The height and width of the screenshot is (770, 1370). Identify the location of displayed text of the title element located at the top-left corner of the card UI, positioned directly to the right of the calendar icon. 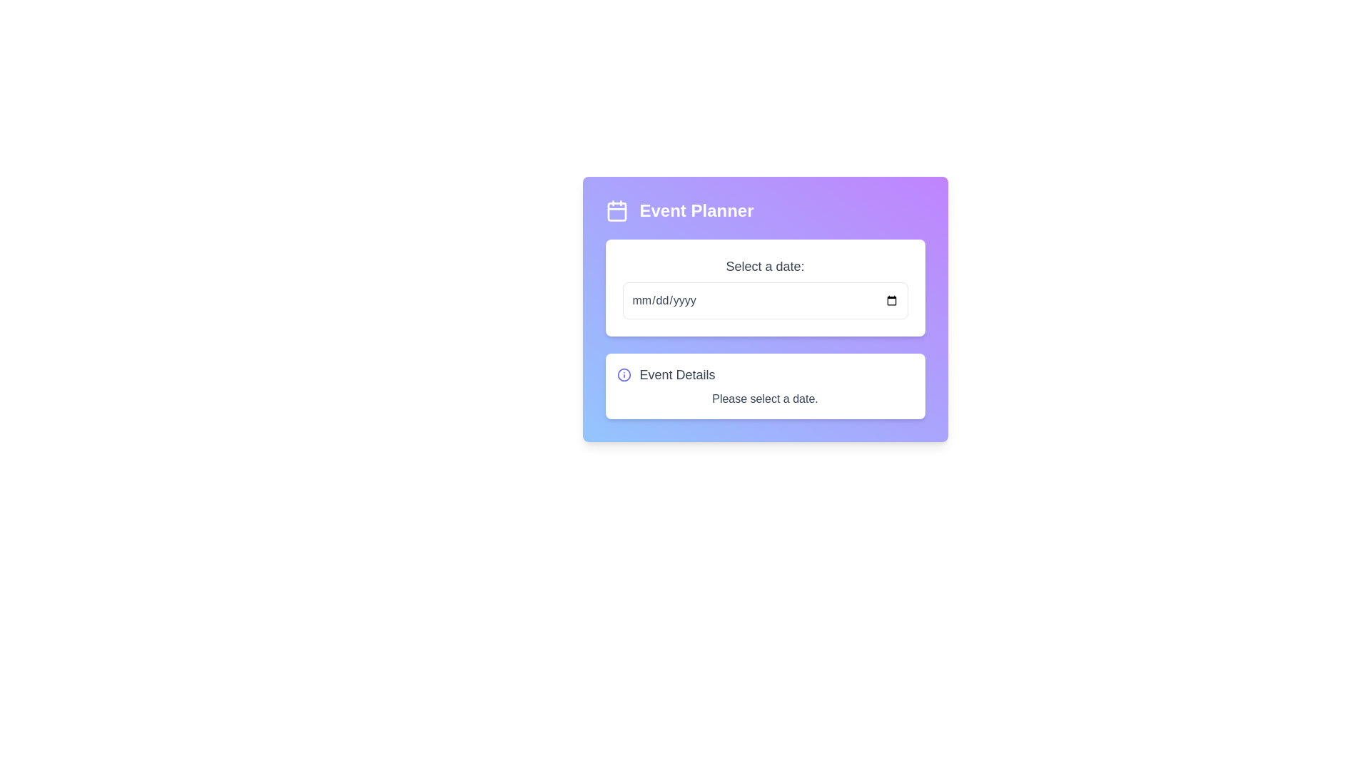
(696, 211).